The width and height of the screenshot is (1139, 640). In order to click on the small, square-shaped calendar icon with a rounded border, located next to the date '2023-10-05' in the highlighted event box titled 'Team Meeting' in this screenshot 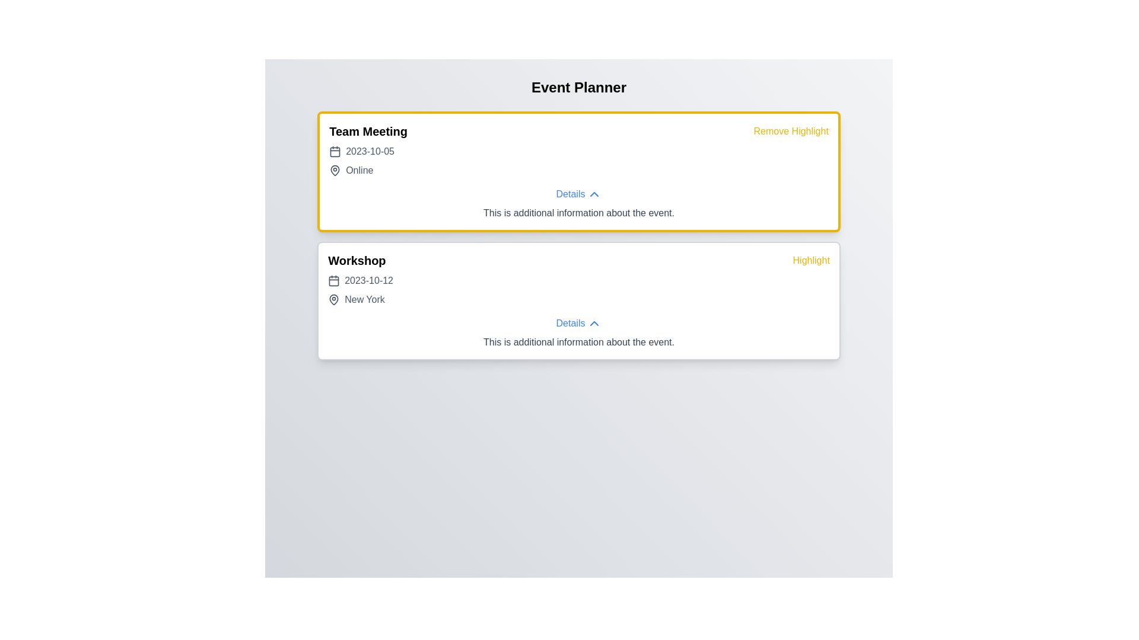, I will do `click(335, 151)`.